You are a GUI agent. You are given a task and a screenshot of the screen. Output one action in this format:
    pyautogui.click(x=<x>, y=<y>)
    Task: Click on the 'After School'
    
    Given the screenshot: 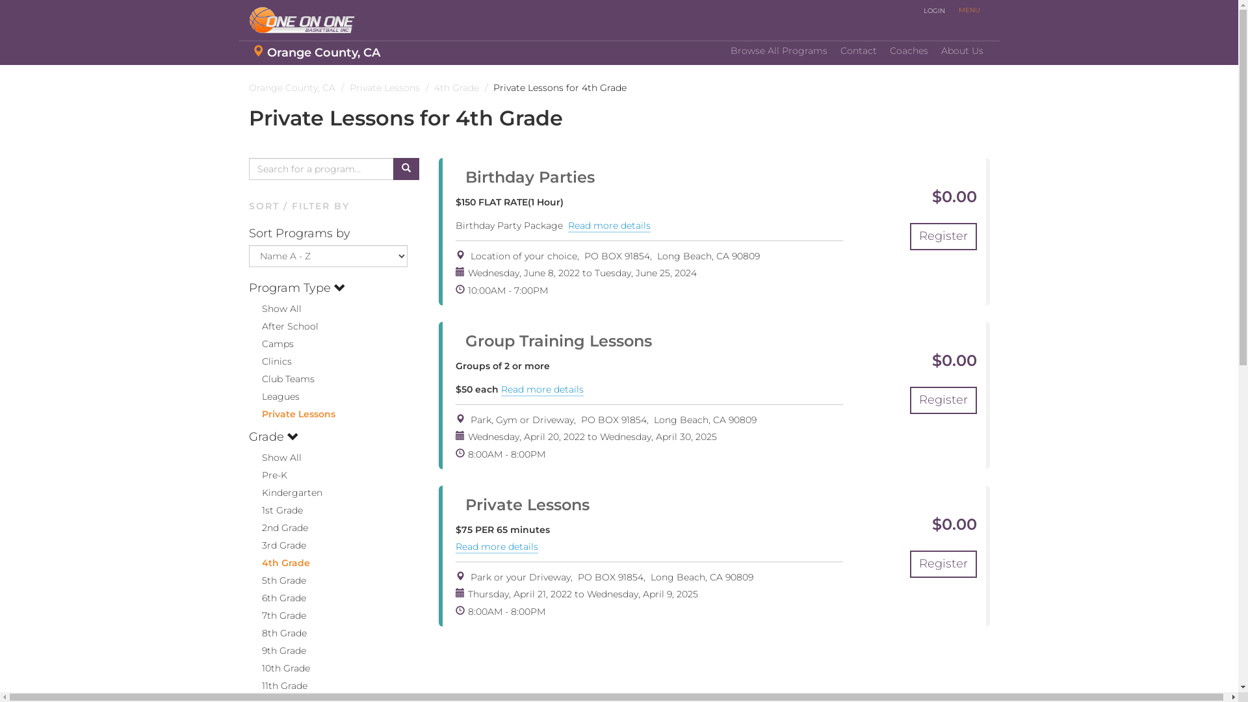 What is the action you would take?
    pyautogui.click(x=248, y=325)
    